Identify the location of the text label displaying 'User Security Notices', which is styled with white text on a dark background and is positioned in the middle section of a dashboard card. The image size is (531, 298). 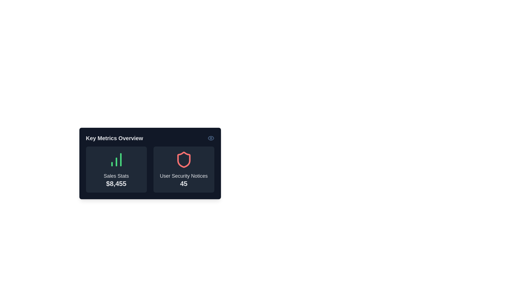
(184, 176).